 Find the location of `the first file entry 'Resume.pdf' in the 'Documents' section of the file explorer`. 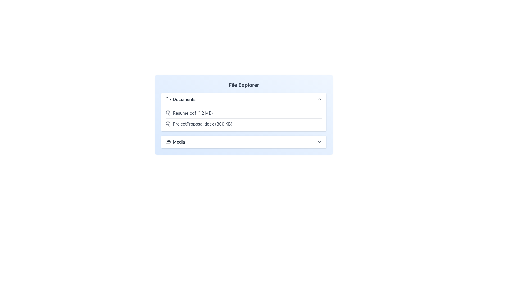

the first file entry 'Resume.pdf' in the 'Documents' section of the file explorer is located at coordinates (189, 113).